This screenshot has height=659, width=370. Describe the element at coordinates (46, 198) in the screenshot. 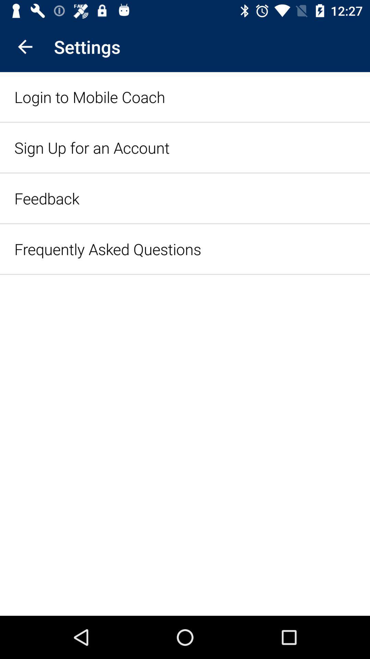

I see `feedback` at that location.